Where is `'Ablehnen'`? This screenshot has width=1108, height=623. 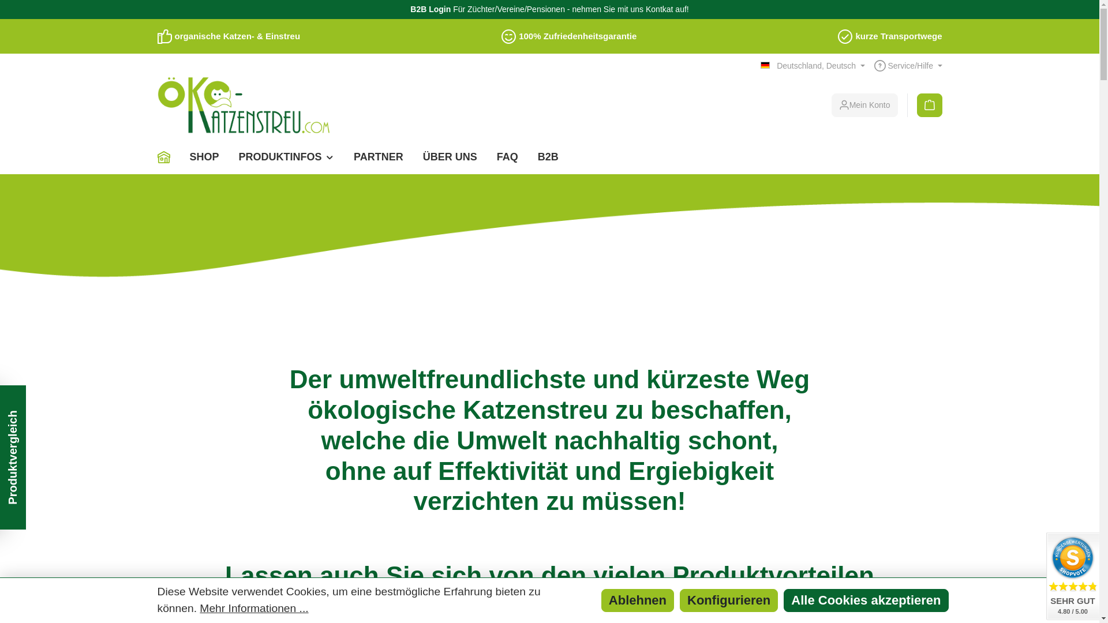 'Ablehnen' is located at coordinates (600, 600).